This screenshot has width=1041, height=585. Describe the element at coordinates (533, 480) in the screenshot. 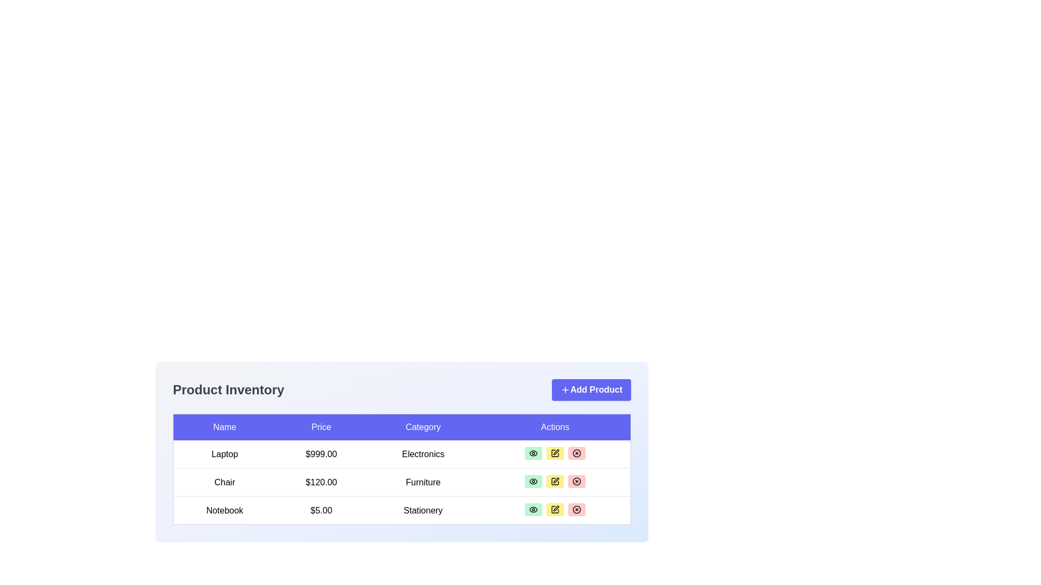

I see `the first button in the 'Actions' column of the second row in the 'Product Inventory' table` at that location.